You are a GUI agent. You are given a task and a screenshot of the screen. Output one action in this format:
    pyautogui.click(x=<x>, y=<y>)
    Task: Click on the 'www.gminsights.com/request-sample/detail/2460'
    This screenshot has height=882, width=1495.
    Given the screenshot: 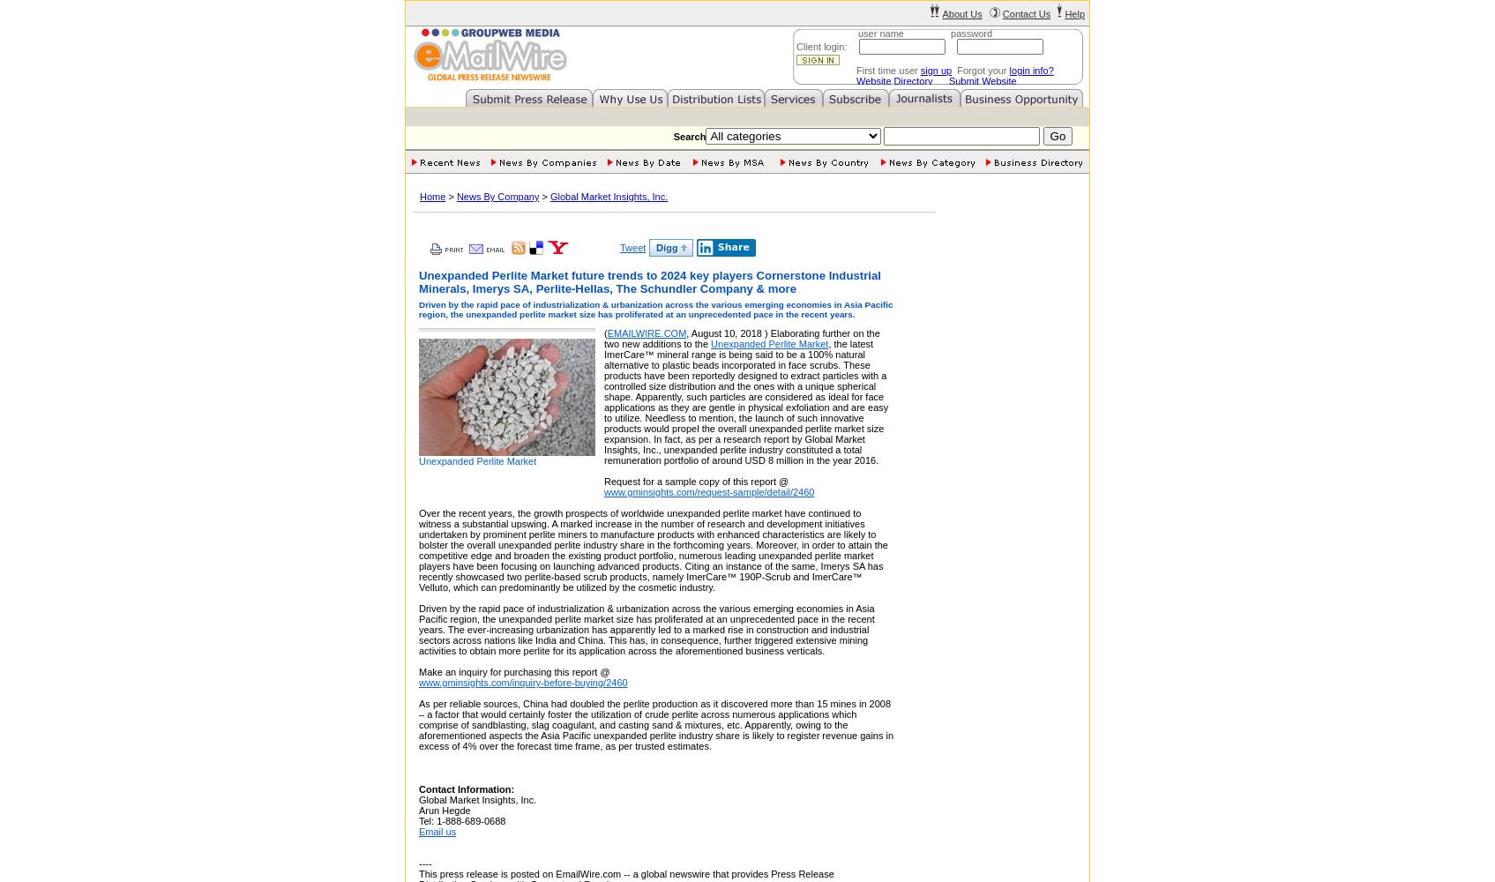 What is the action you would take?
    pyautogui.click(x=603, y=492)
    